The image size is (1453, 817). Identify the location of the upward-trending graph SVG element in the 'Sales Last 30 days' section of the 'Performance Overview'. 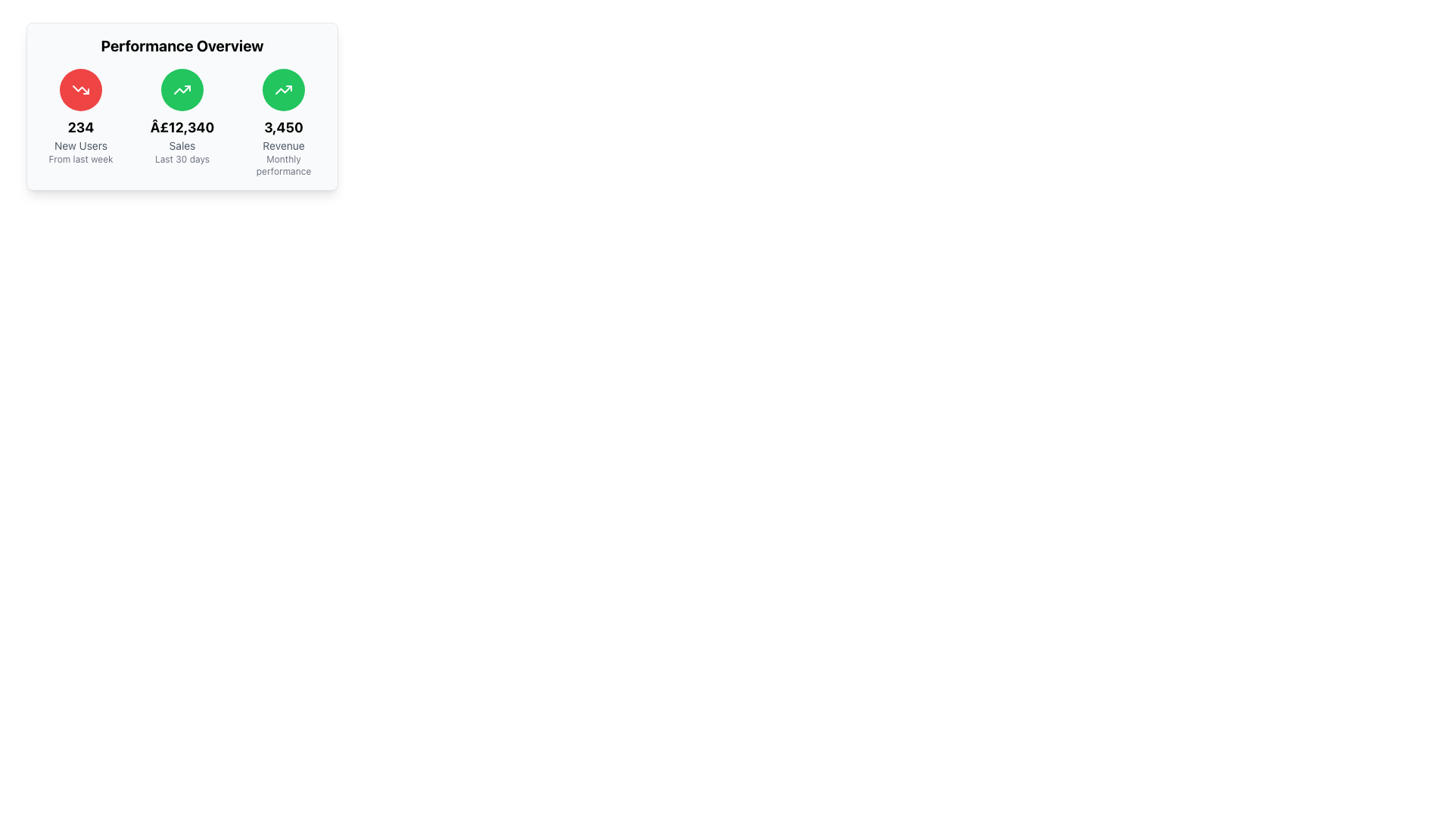
(283, 90).